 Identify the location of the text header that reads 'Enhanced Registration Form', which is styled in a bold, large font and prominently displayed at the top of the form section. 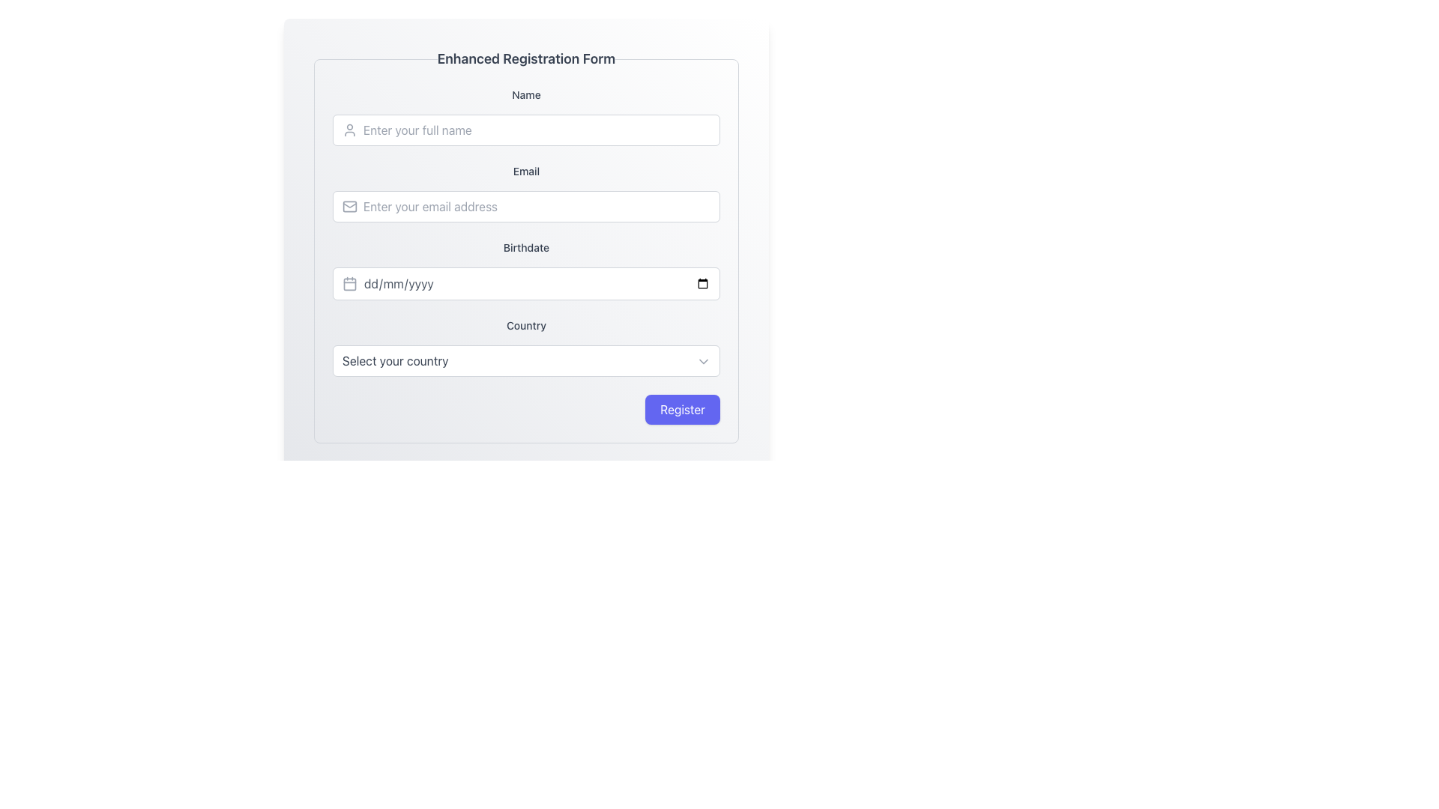
(526, 58).